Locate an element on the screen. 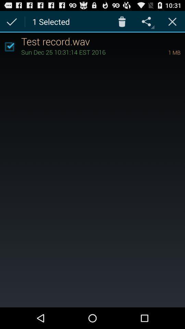  the app next to the 1 selected icon is located at coordinates (122, 21).